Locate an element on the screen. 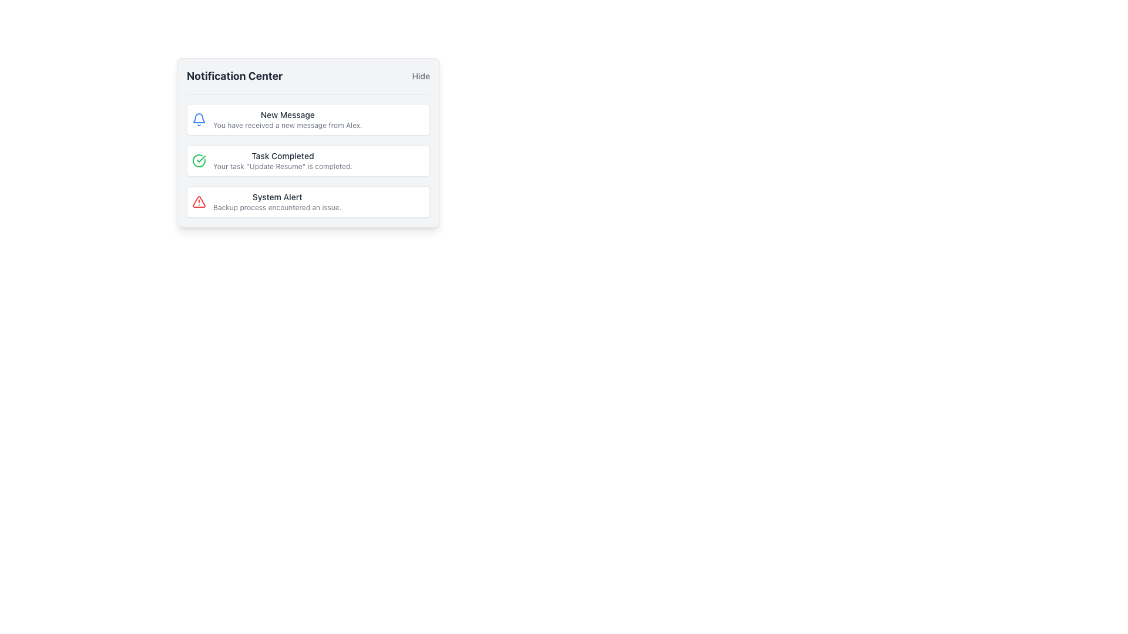 This screenshot has width=1128, height=634. the textual notification displaying 'Task Completed' which indicates that the task 'Update Resume' is completed, located in the notification center interface is located at coordinates (283, 160).